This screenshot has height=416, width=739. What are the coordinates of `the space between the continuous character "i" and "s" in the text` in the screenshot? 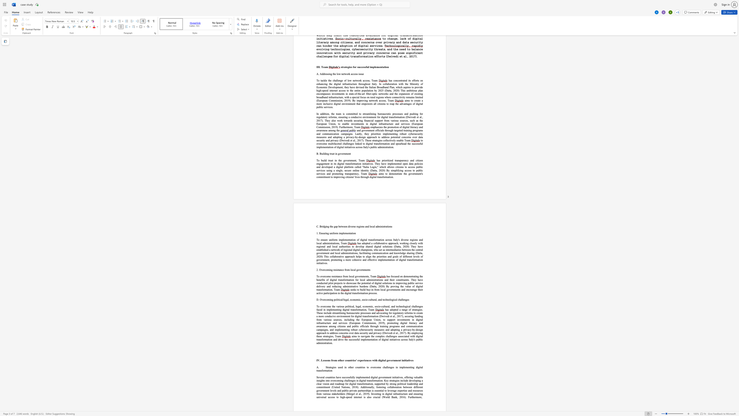 It's located at (337, 270).